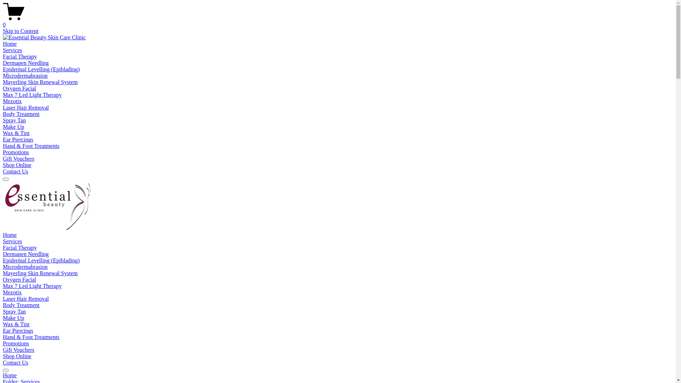 This screenshot has height=383, width=681. What do you see at coordinates (26, 62) in the screenshot?
I see `'Dermapen Needling'` at bounding box center [26, 62].